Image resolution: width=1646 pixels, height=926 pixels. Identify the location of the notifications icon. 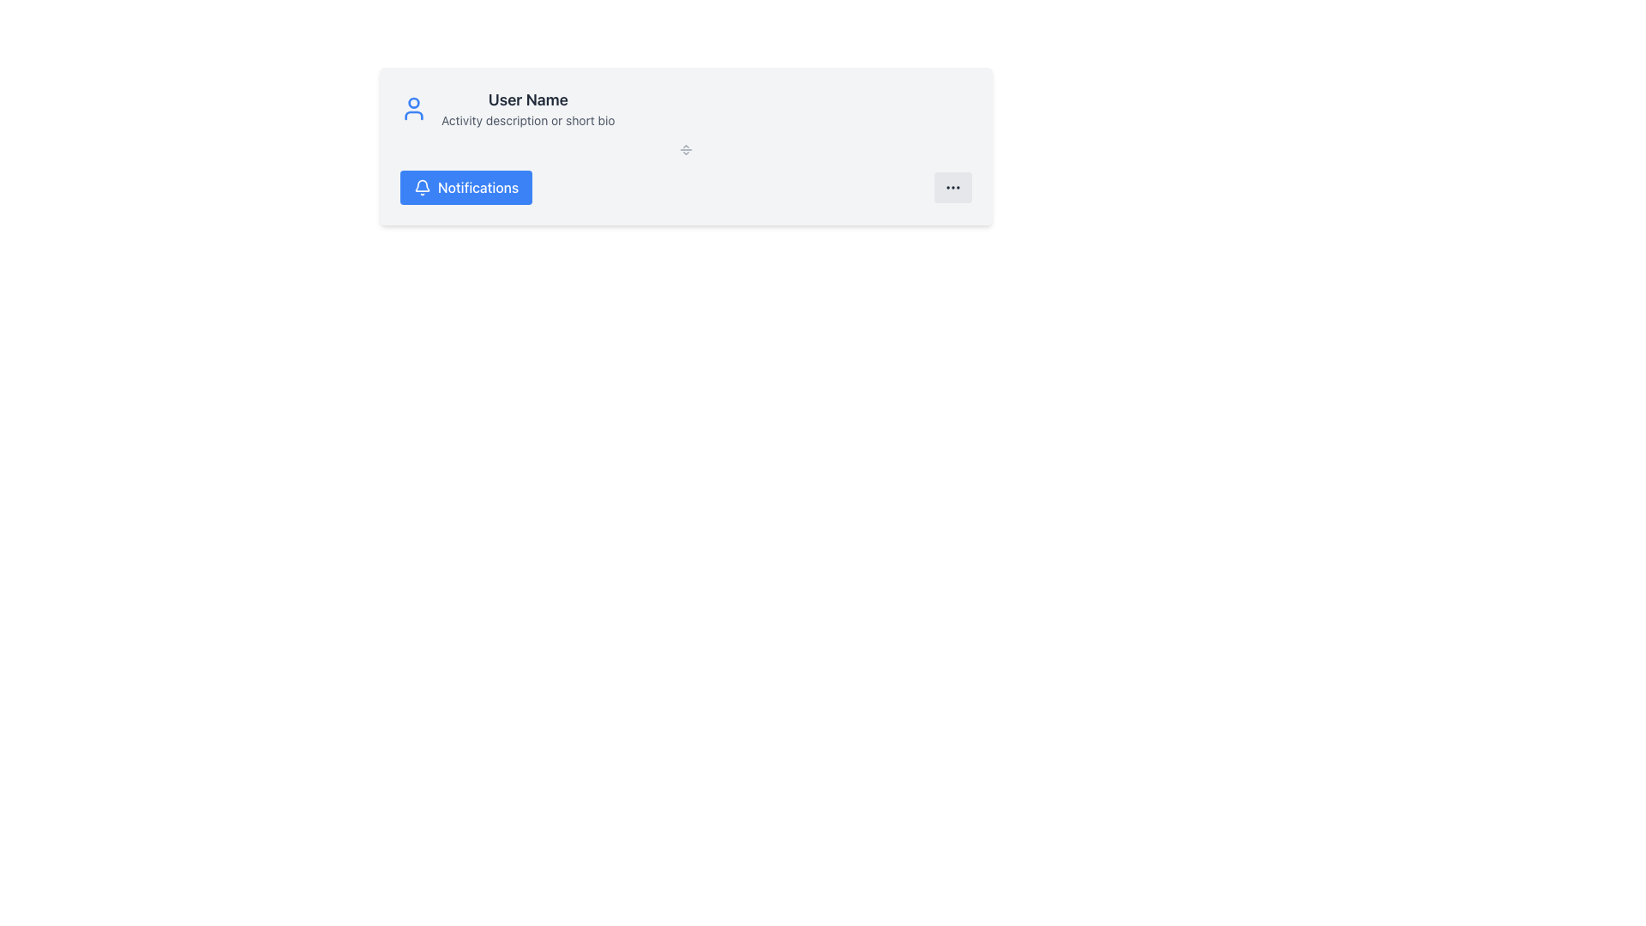
(423, 188).